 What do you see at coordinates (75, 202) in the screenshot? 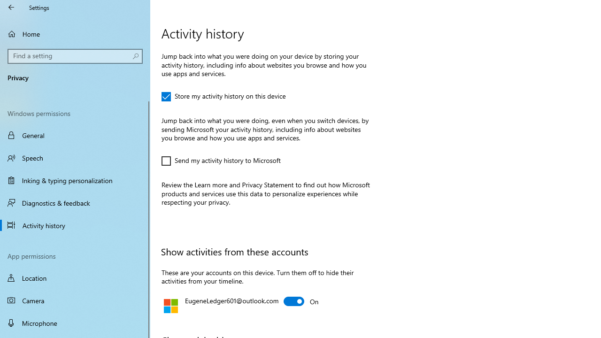
I see `'Diagnostics & feedback'` at bounding box center [75, 202].